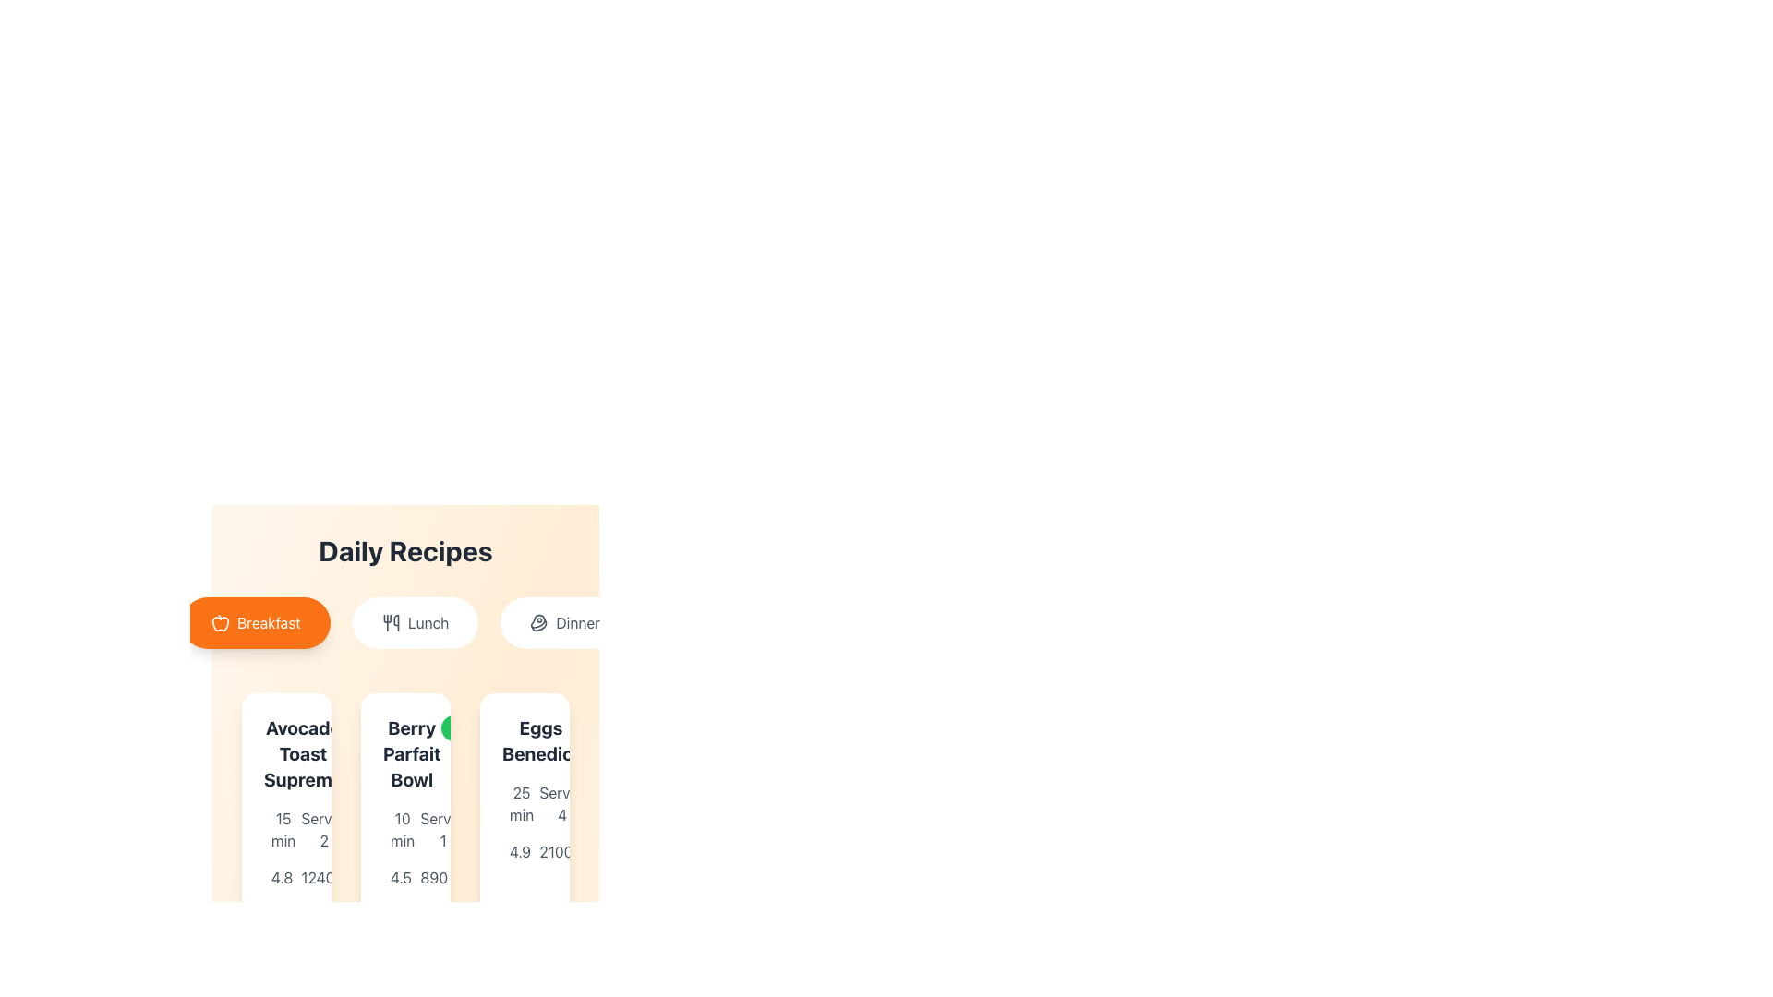 The image size is (1773, 997). I want to click on the formatted display text indicating the serving size for the Berry Parfait Bowl recipe, so click(419, 828).